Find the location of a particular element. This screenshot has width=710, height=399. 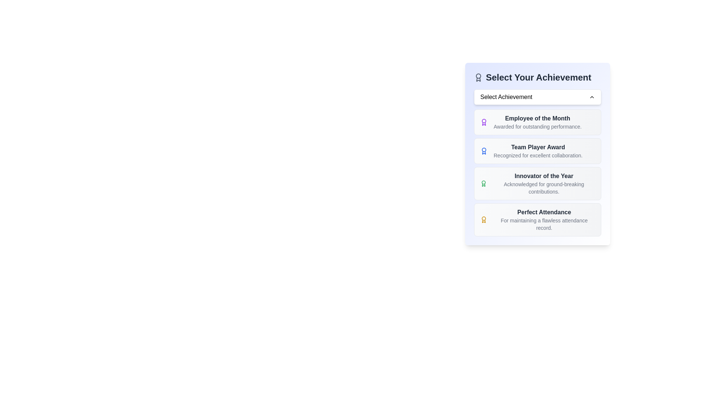

the text label reading 'Select Achievement' is located at coordinates (506, 96).